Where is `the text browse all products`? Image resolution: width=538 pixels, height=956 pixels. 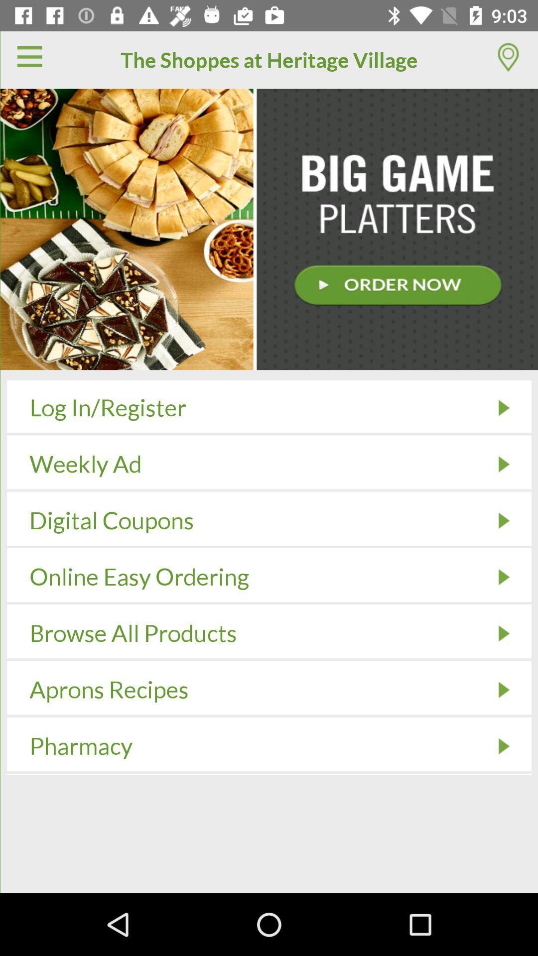 the text browse all products is located at coordinates (133, 633).